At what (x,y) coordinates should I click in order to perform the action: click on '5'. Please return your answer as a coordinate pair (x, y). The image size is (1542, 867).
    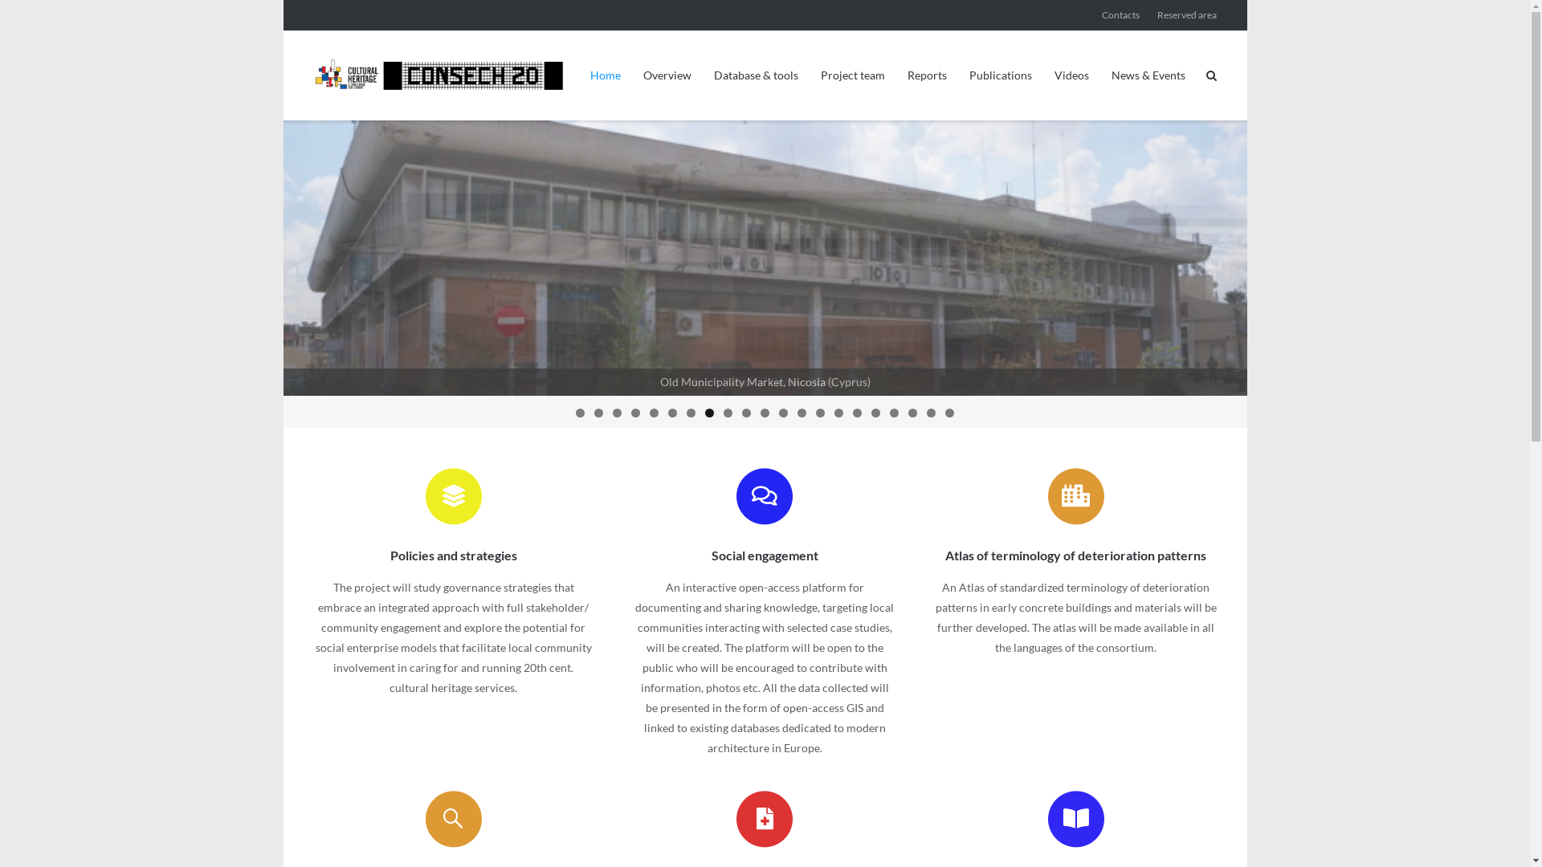
    Looking at the image, I should click on (654, 412).